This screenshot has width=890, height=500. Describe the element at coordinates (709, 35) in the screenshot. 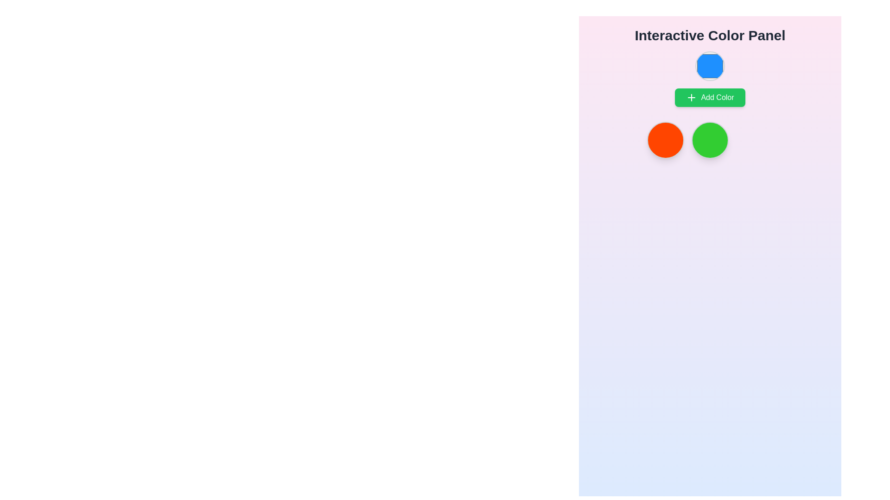

I see `the 'Interactive Color Panel' text label, which is displayed in bold and large font at the top of the gradient background interface` at that location.